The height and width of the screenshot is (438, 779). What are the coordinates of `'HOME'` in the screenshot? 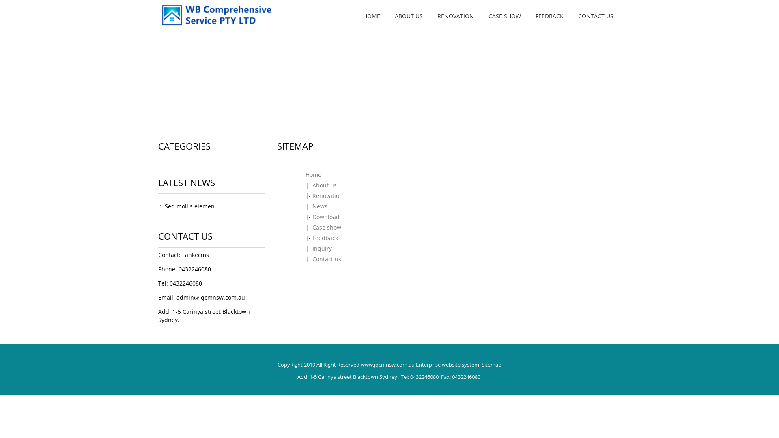 It's located at (371, 16).